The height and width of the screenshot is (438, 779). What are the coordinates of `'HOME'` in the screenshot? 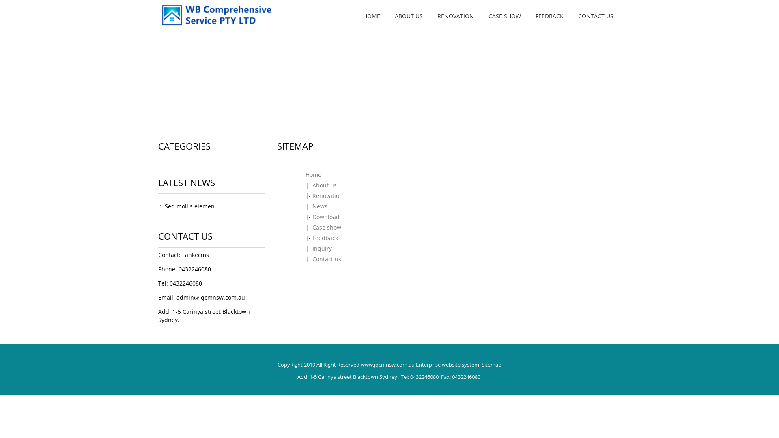 It's located at (371, 16).